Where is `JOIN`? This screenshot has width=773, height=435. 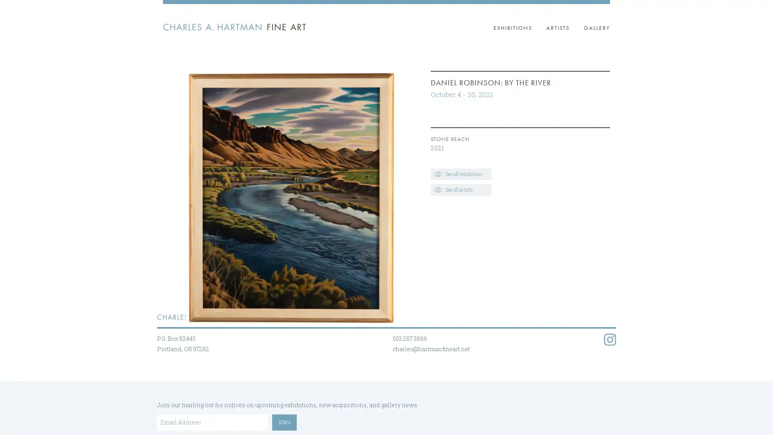 JOIN is located at coordinates (284, 422).